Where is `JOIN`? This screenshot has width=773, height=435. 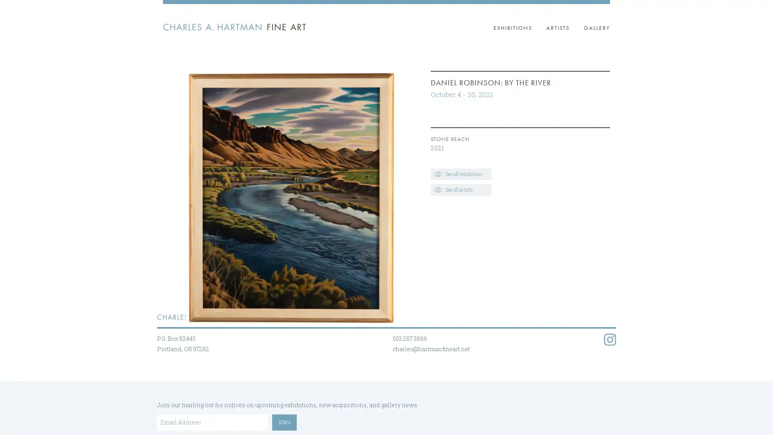 JOIN is located at coordinates (284, 422).